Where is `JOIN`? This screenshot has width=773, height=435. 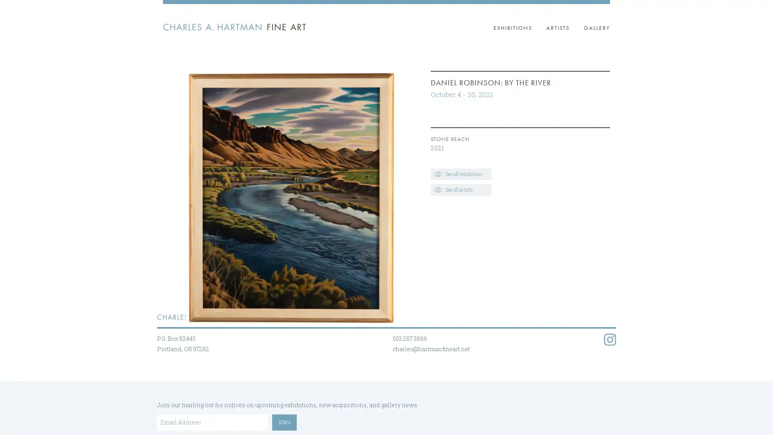 JOIN is located at coordinates (284, 422).